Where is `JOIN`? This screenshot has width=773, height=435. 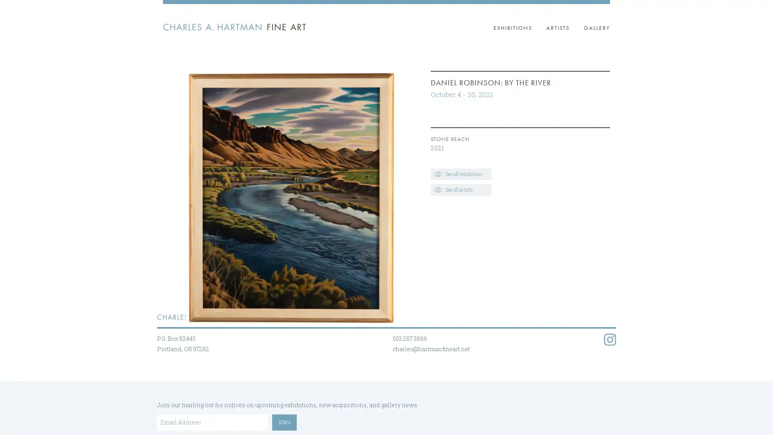 JOIN is located at coordinates (284, 422).